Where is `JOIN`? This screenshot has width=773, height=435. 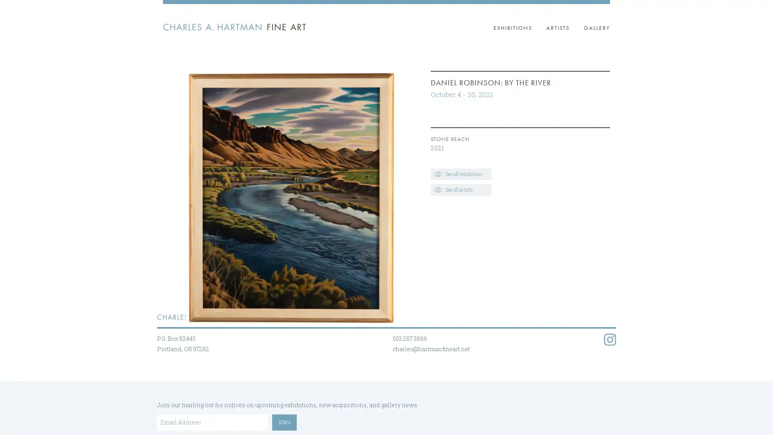 JOIN is located at coordinates (284, 422).